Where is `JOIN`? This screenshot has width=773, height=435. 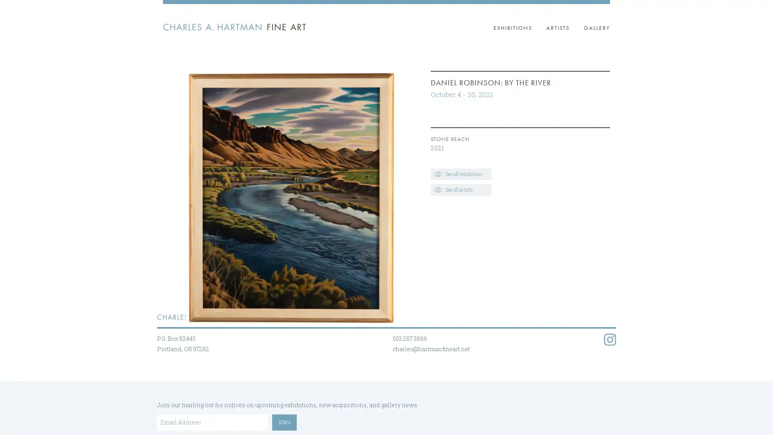 JOIN is located at coordinates (284, 422).